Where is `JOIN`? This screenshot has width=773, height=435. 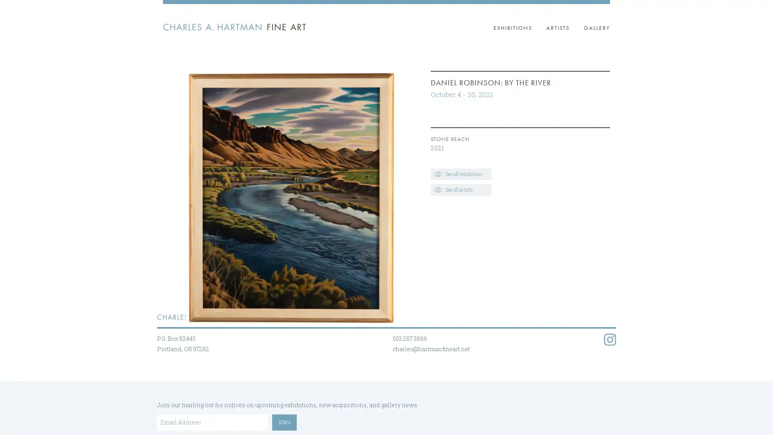 JOIN is located at coordinates (284, 422).